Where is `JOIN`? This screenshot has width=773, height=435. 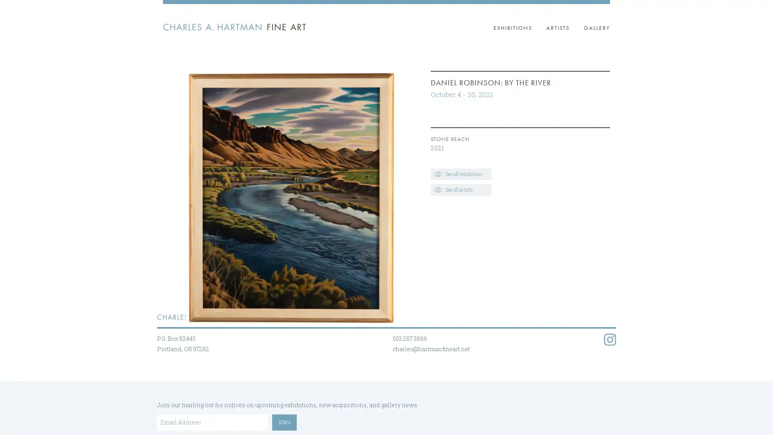 JOIN is located at coordinates (284, 422).